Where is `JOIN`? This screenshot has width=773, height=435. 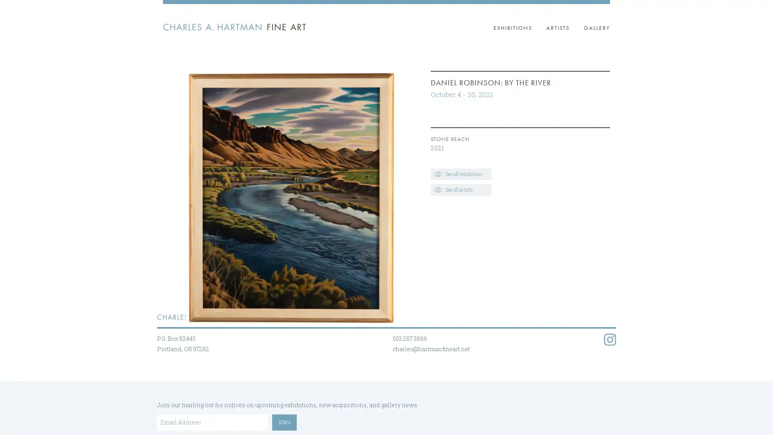 JOIN is located at coordinates (284, 422).